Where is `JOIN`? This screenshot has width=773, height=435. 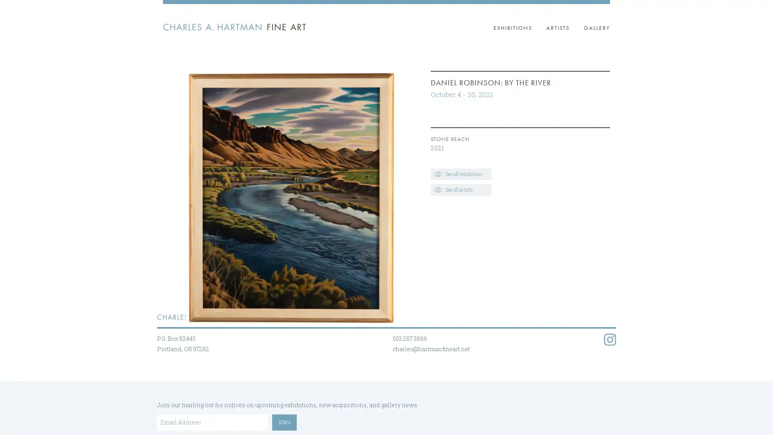 JOIN is located at coordinates (284, 422).